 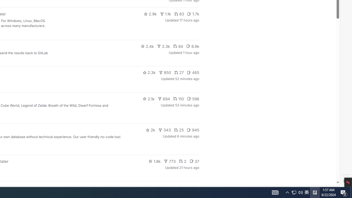 I want to click on '343', so click(x=164, y=130).